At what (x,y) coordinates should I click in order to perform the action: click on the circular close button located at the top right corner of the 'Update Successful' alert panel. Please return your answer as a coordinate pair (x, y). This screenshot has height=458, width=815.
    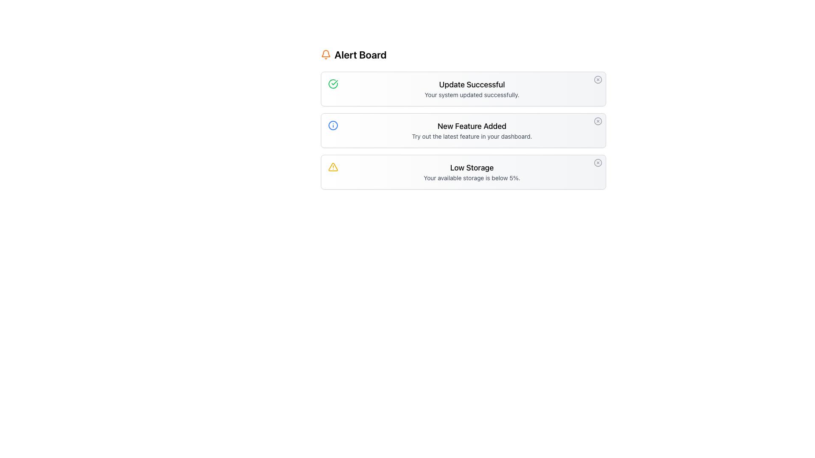
    Looking at the image, I should click on (598, 80).